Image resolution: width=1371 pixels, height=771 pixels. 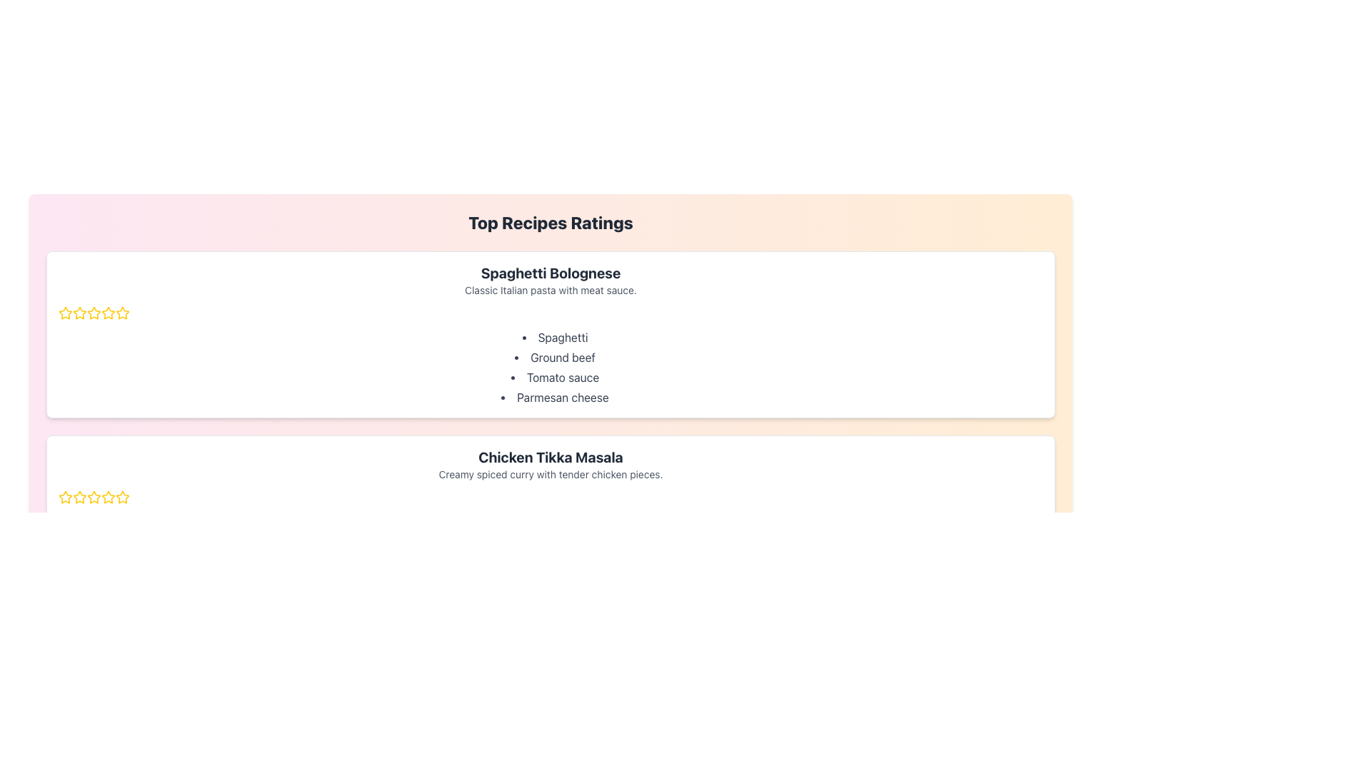 What do you see at coordinates (94, 313) in the screenshot?
I see `the fourth star in the rating system next to the 'Spaghetti Bolognese' section to give this rating` at bounding box center [94, 313].